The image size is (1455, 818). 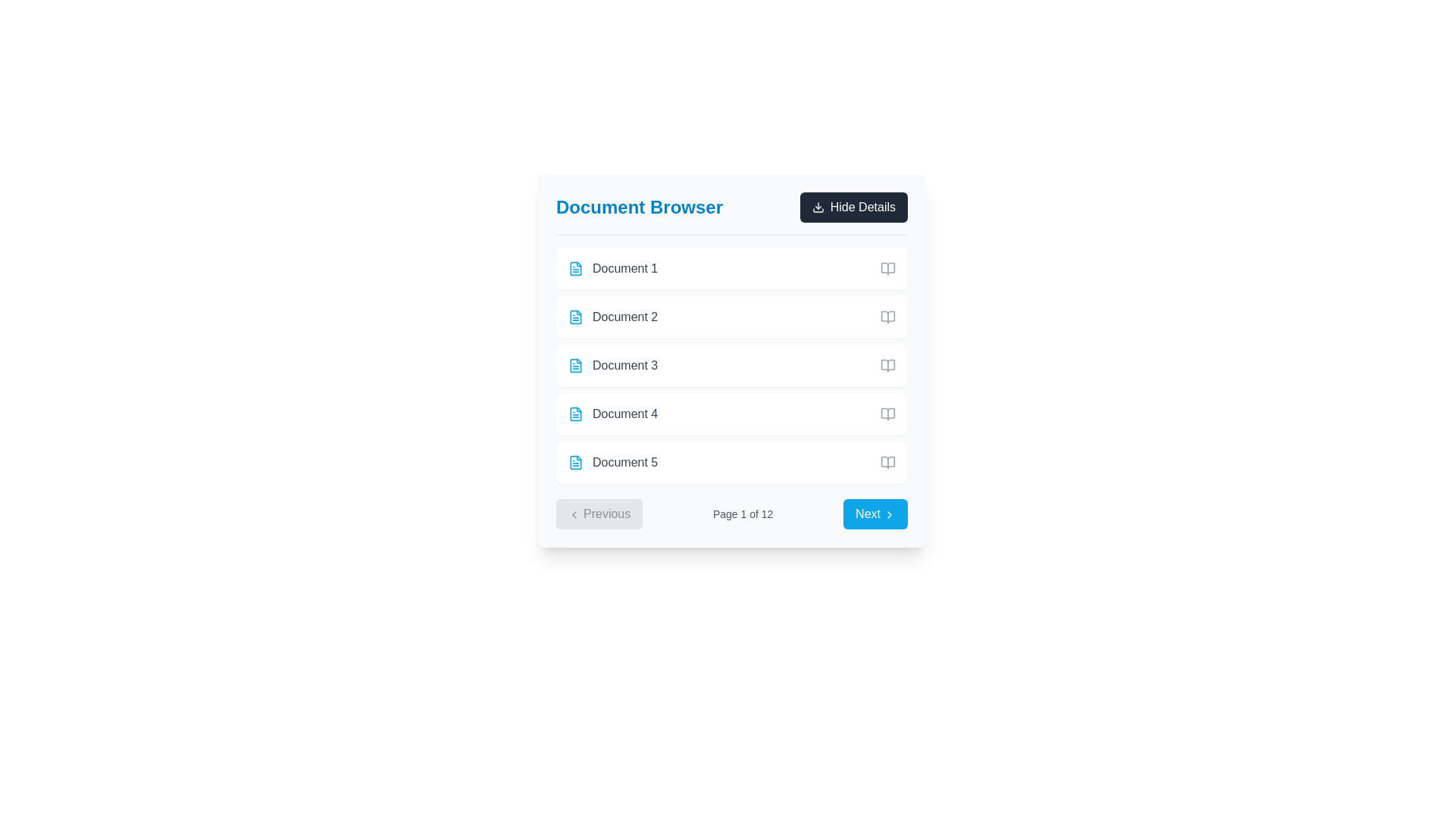 What do you see at coordinates (887, 365) in the screenshot?
I see `the 'open document' icon located to the far right of the 'Document 3' row` at bounding box center [887, 365].